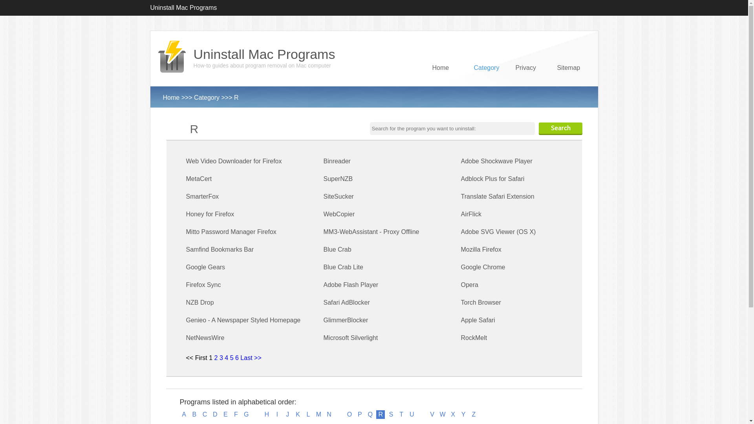 Image resolution: width=754 pixels, height=424 pixels. I want to click on 'Adobe Shockwave Player', so click(496, 161).